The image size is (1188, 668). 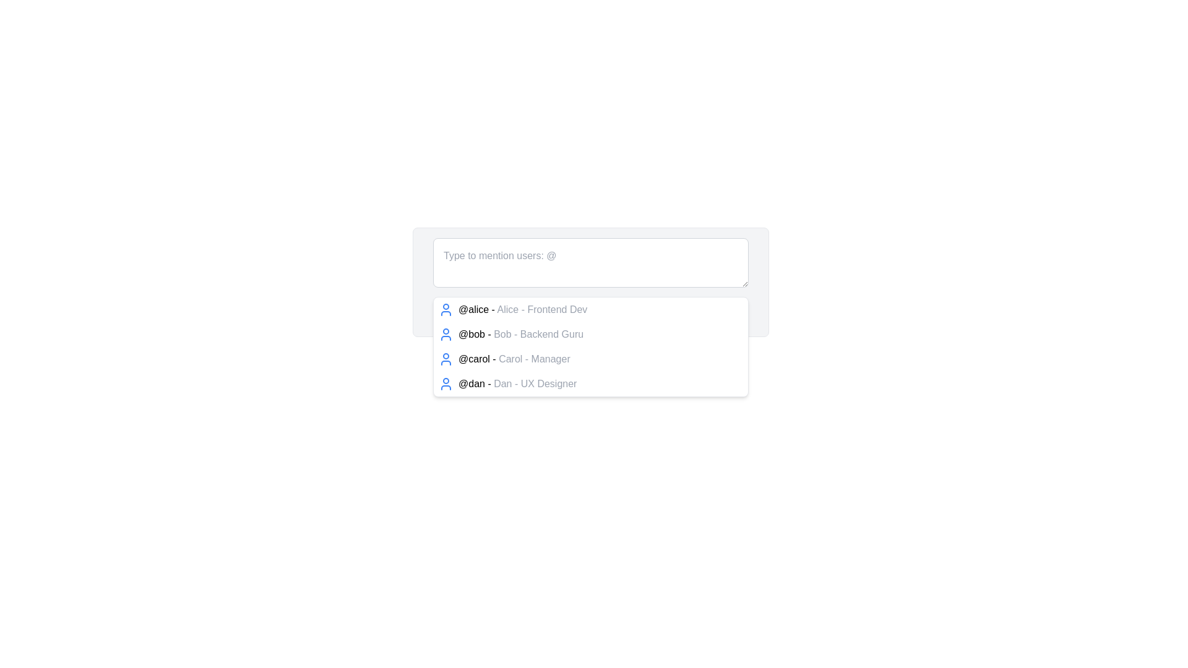 I want to click on the user suggestion for '@bob', which is the second entry in the list of user suggestions located below the input field labeled 'Type to mention users', so click(x=521, y=334).